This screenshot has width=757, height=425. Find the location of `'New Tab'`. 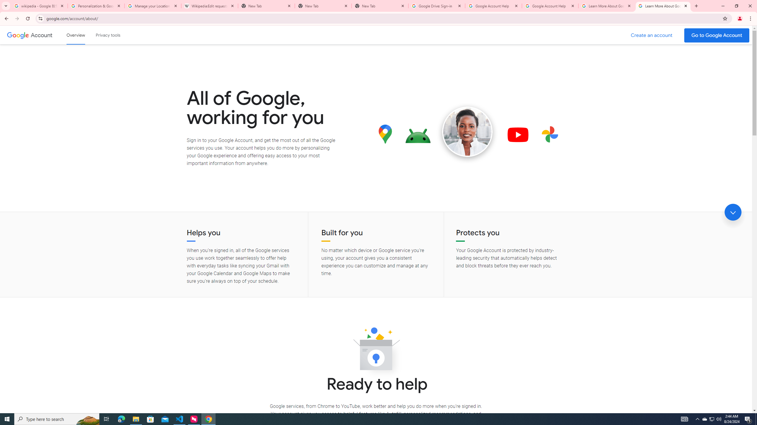

'New Tab' is located at coordinates (323, 6).